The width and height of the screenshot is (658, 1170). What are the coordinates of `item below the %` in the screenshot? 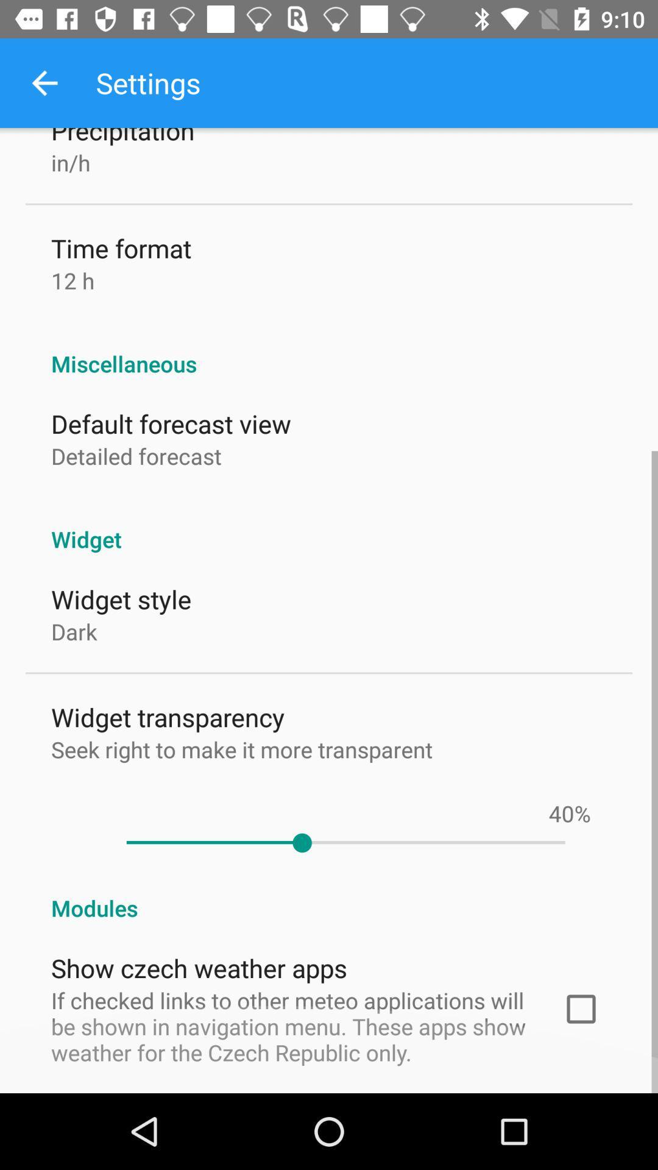 It's located at (345, 842).